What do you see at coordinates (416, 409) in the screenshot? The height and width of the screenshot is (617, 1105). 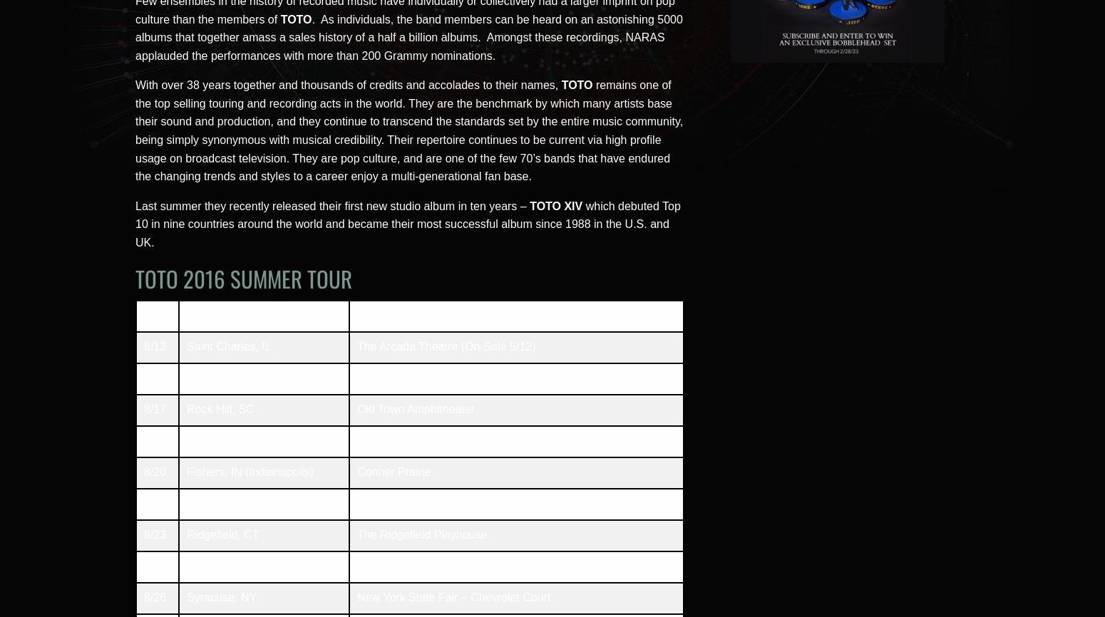 I see `'Old Town Amphitheater'` at bounding box center [416, 409].